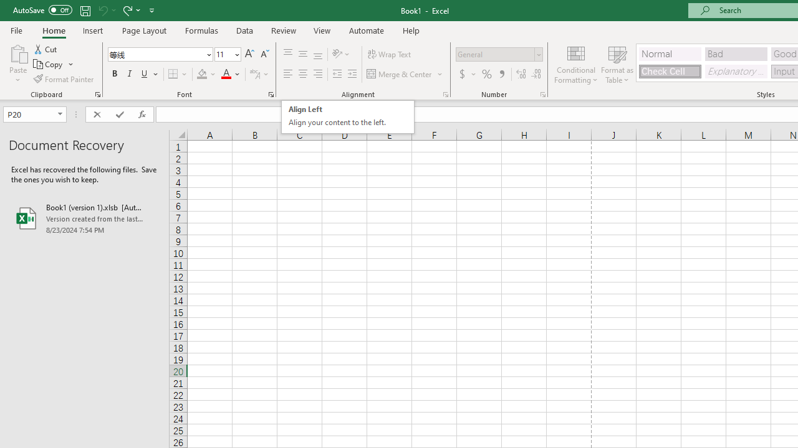  I want to click on 'Paste', so click(17, 64).